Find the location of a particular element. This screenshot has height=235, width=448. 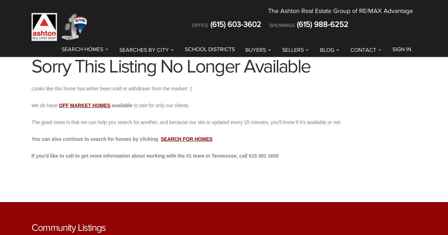

'If you'd like to call to get more information about working with the #1 team in Tennessee, call 615 301 1650' is located at coordinates (31, 155).